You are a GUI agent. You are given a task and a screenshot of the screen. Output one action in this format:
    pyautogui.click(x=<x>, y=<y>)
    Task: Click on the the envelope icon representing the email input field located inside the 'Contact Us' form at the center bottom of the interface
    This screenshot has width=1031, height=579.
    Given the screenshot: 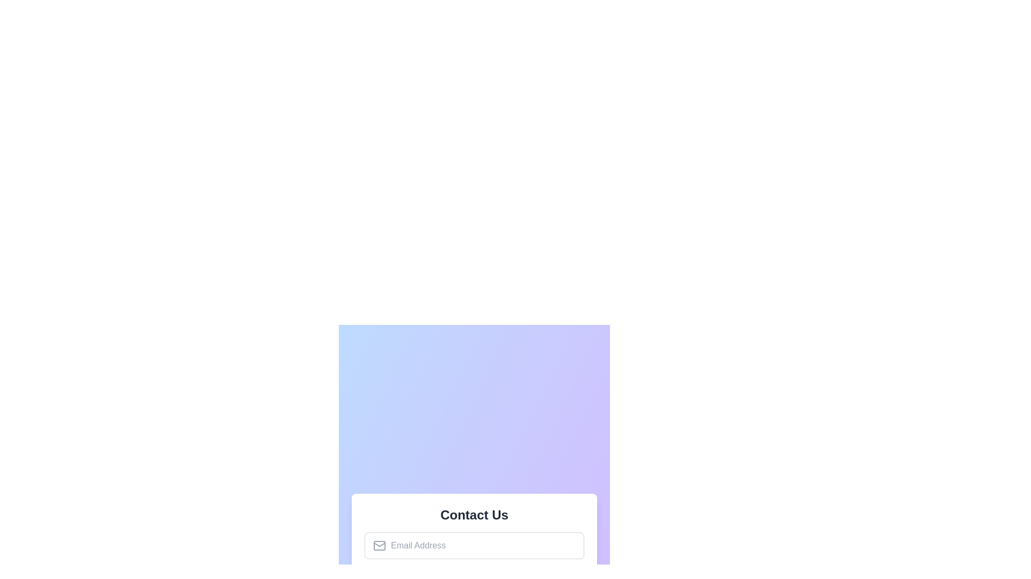 What is the action you would take?
    pyautogui.click(x=379, y=545)
    